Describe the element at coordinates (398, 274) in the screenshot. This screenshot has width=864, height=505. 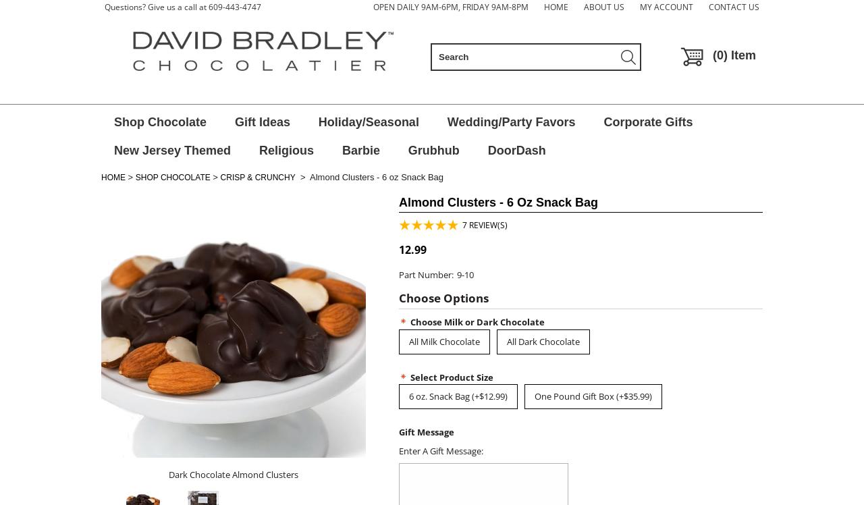
I see `'Part Number:'` at that location.